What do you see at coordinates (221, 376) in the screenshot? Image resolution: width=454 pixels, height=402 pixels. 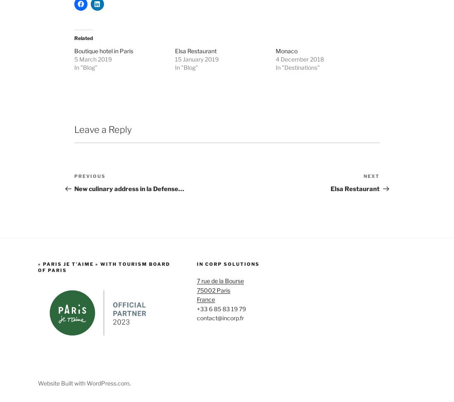 I see `'+33 6 85 83 19 79'` at bounding box center [221, 376].